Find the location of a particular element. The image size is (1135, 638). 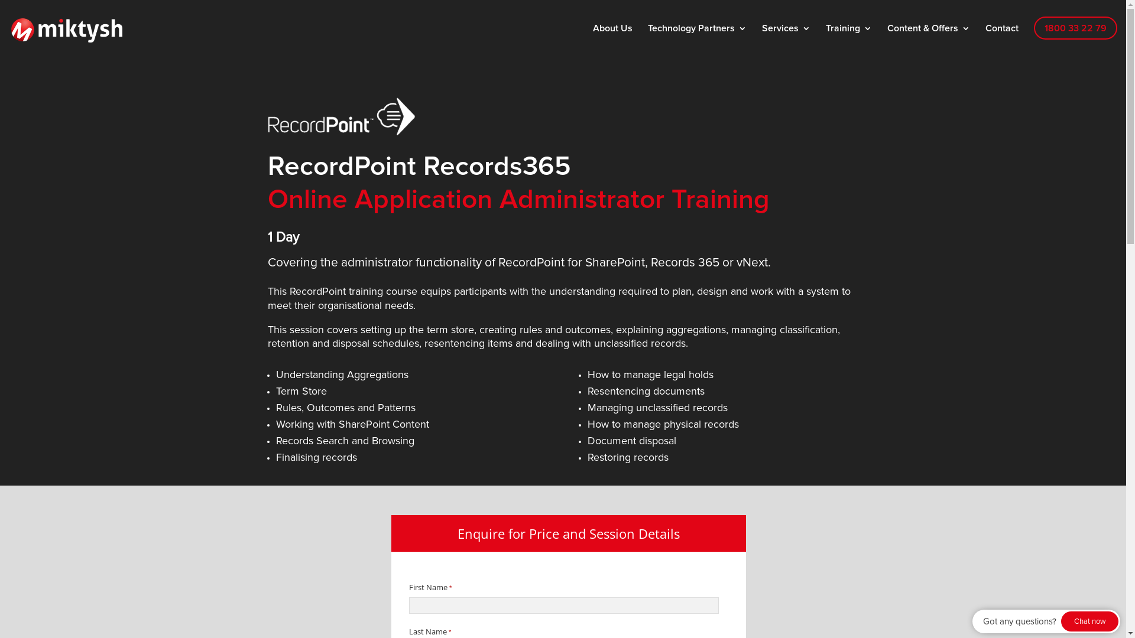

'Content & Offers' is located at coordinates (928, 35).